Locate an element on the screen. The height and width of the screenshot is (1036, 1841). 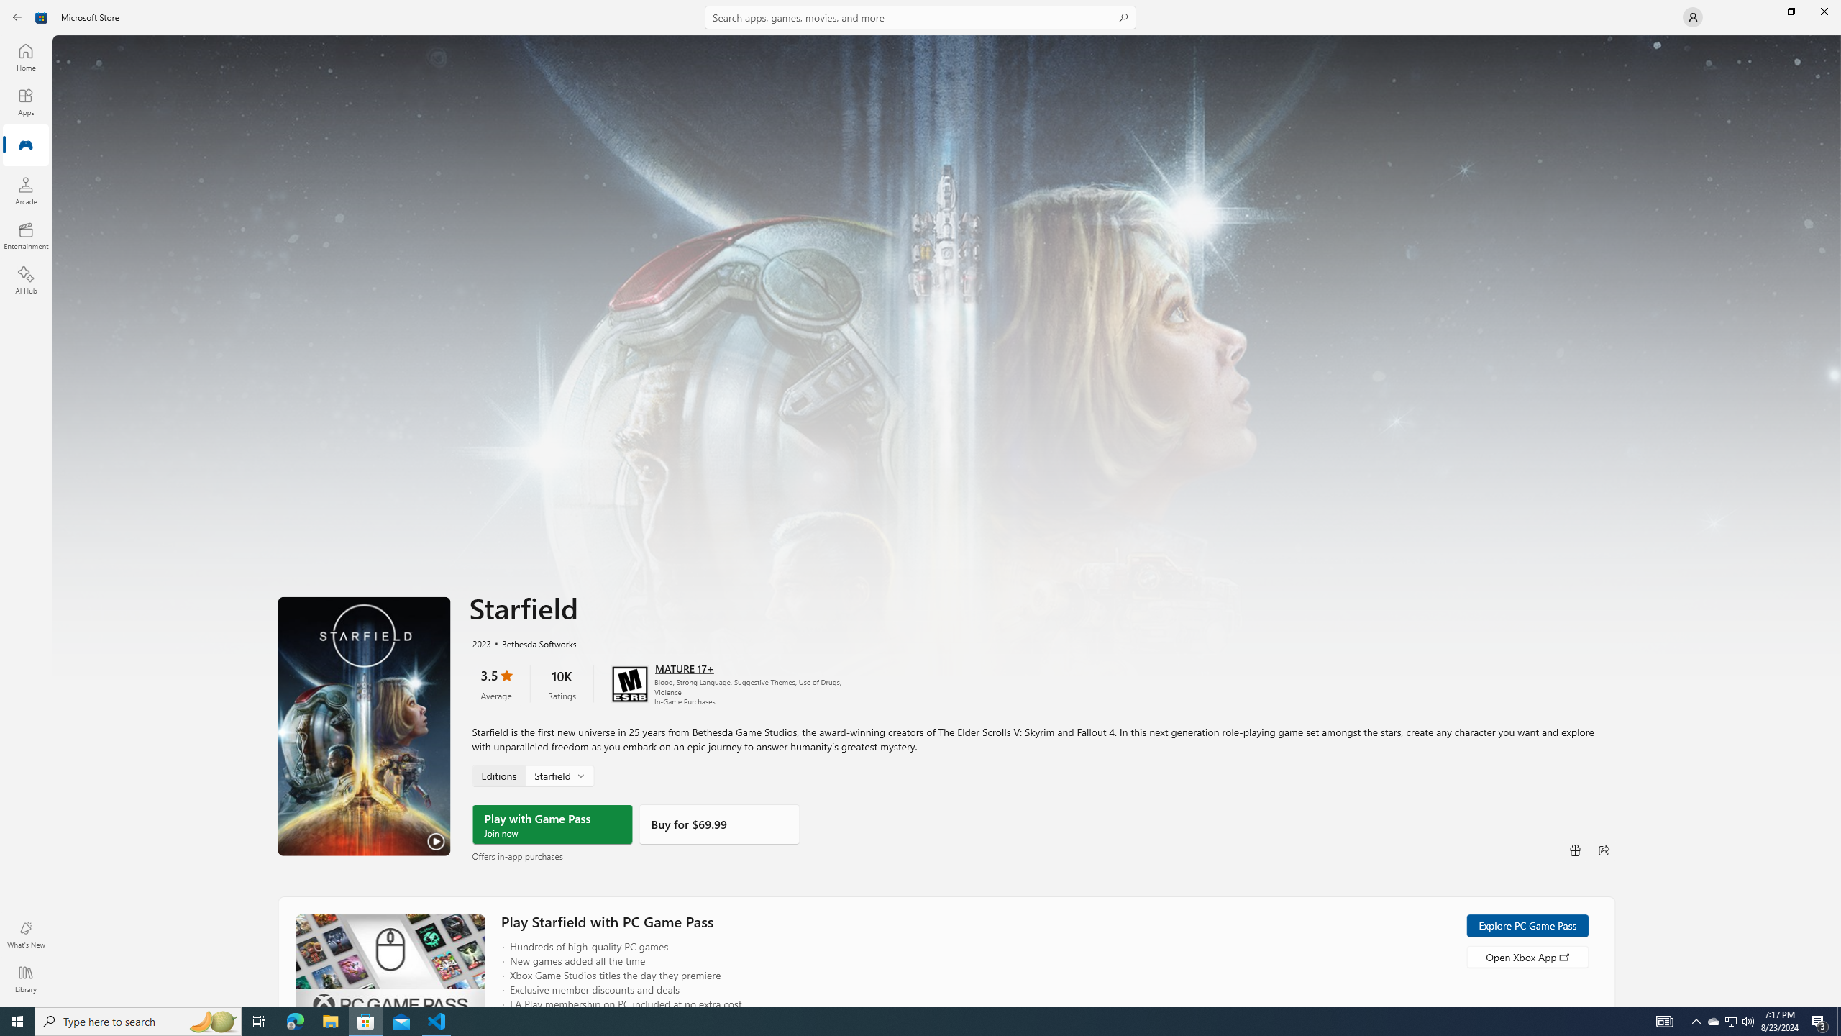
'Arcade' is located at coordinates (24, 190).